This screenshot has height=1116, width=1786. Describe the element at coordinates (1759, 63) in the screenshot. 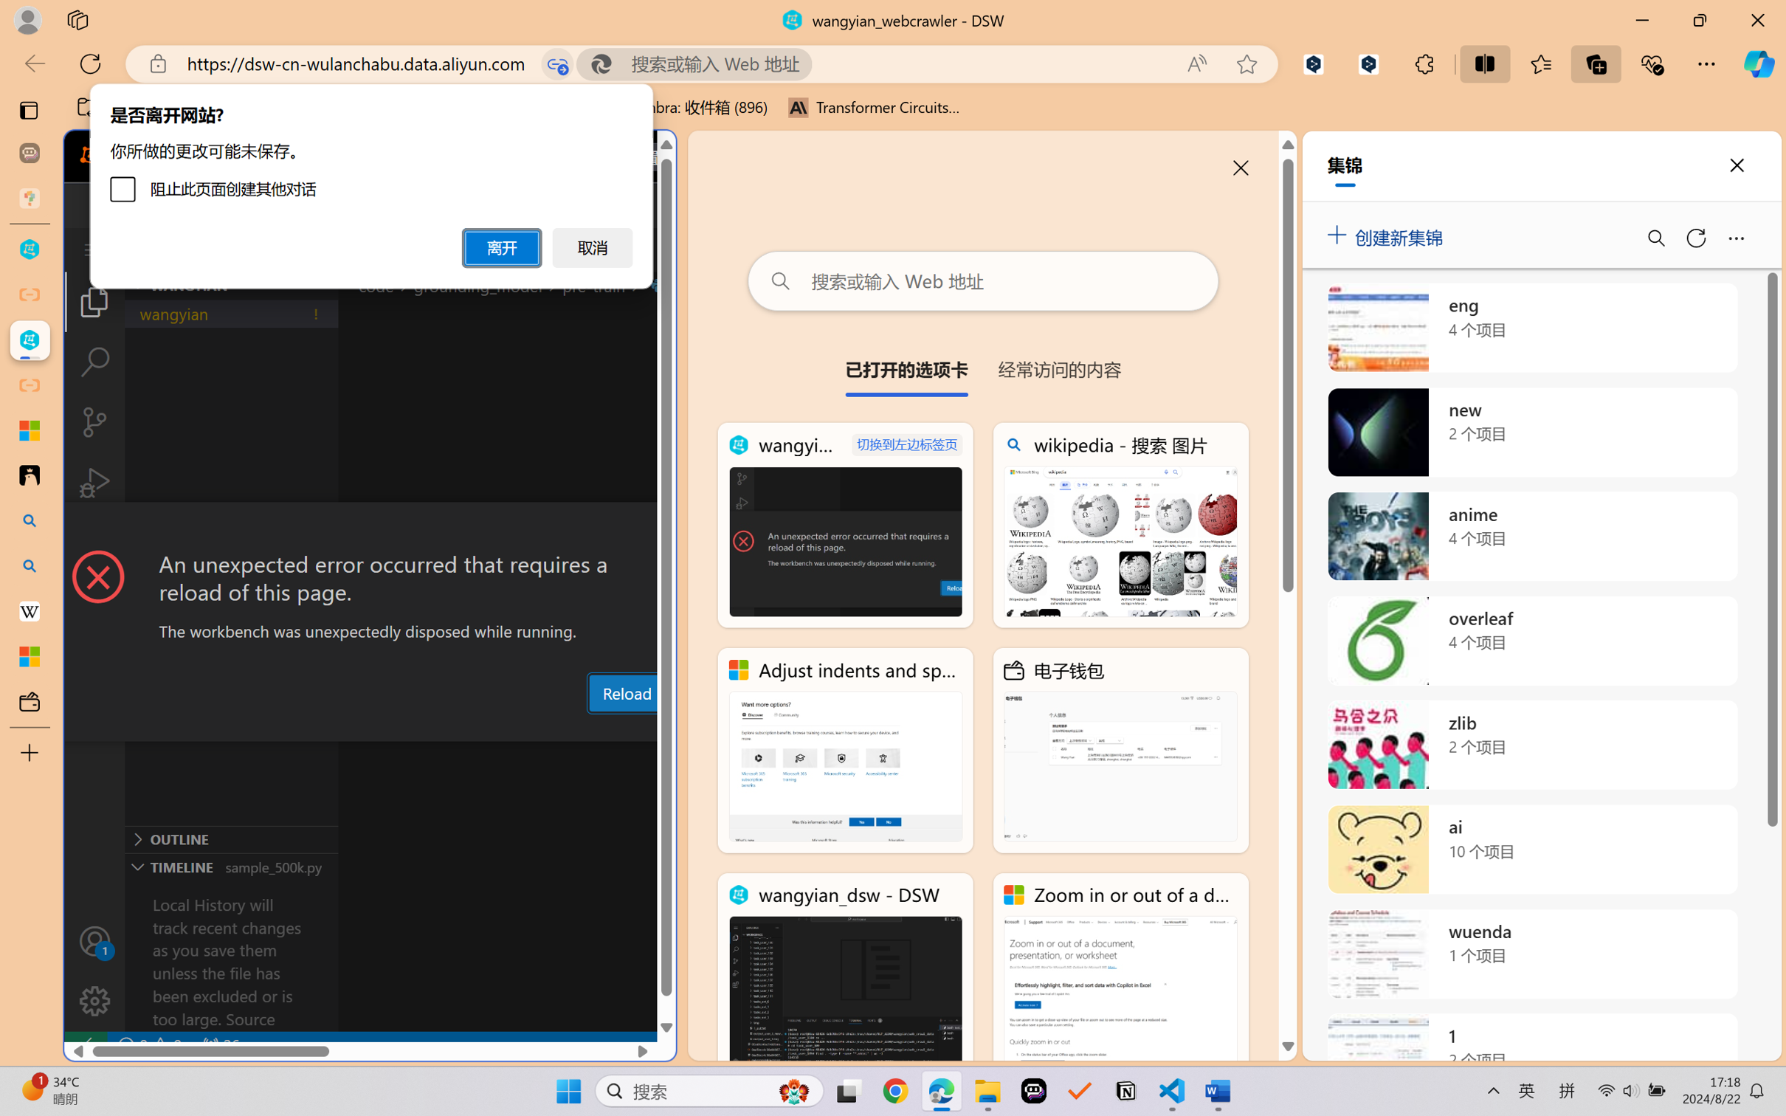

I see `'Copilot (Ctrl+Shift+.)'` at that location.